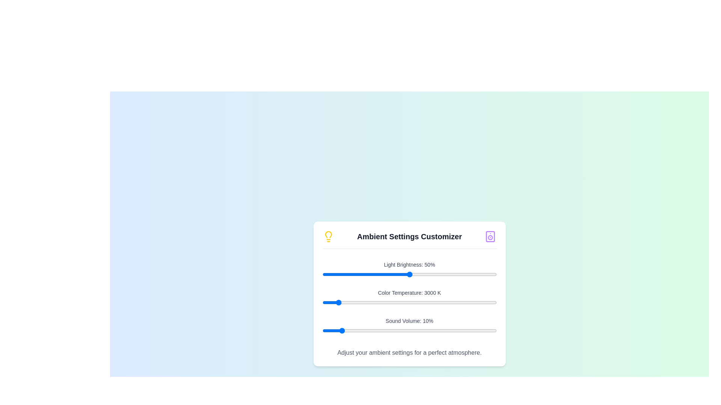 The width and height of the screenshot is (721, 405). What do you see at coordinates (364, 274) in the screenshot?
I see `the light brightness` at bounding box center [364, 274].